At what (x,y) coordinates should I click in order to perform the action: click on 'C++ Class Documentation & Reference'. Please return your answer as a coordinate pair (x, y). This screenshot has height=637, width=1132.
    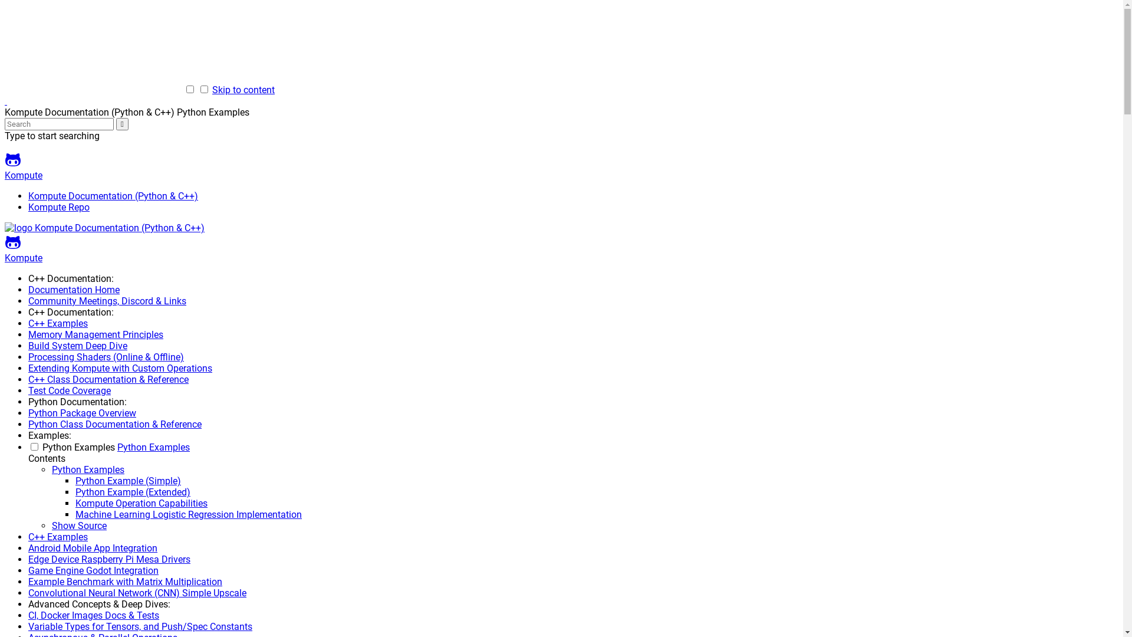
    Looking at the image, I should click on (108, 379).